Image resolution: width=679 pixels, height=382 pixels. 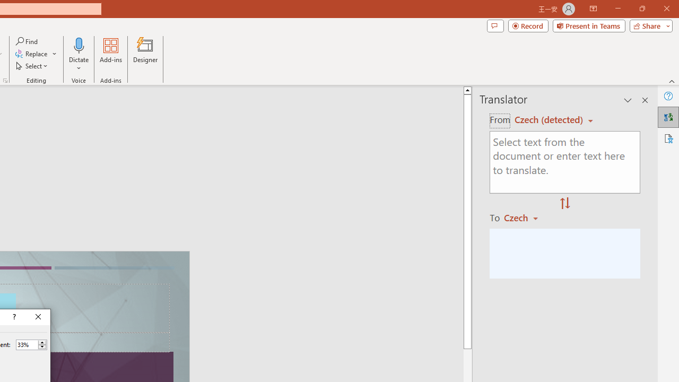 I want to click on 'Less', so click(x=42, y=347).